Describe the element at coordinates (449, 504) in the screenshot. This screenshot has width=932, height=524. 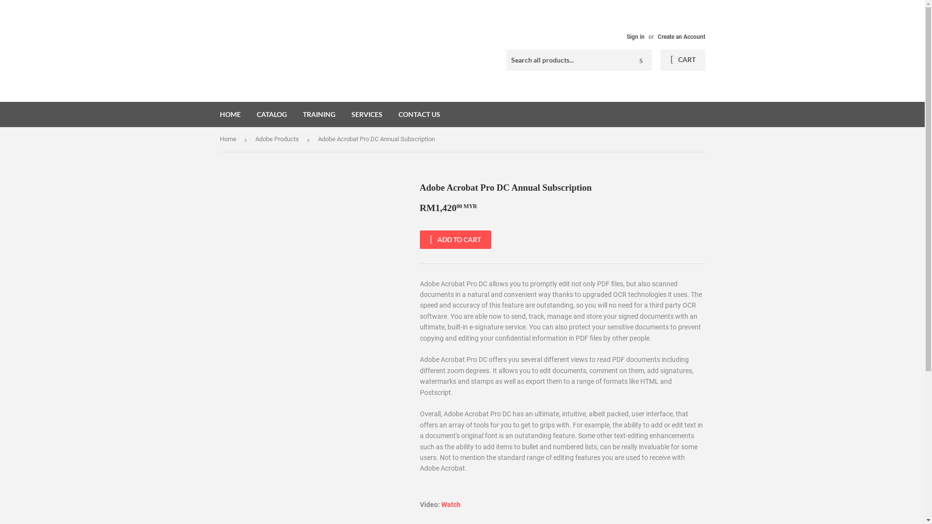
I see `'Watch'` at that location.